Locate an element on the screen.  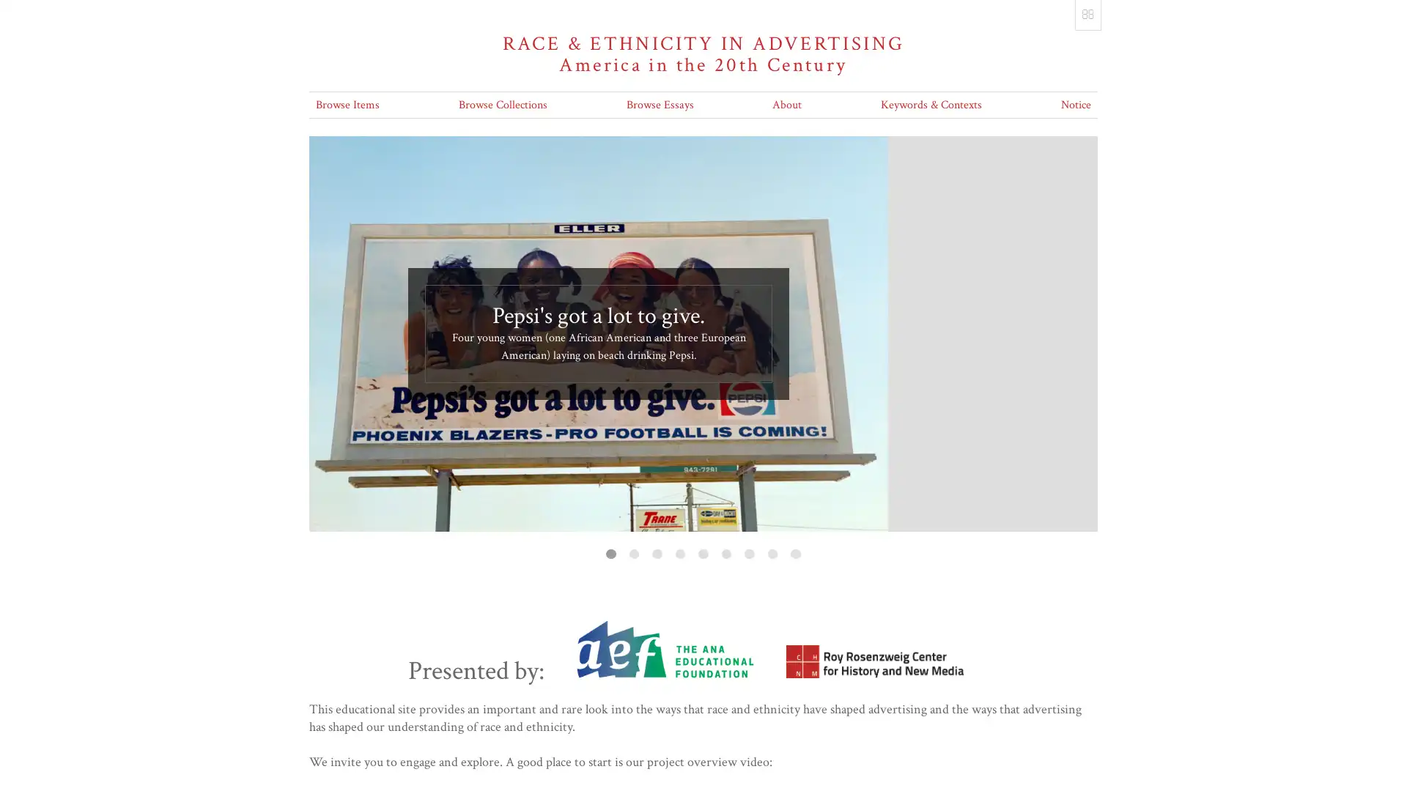
1 is located at coordinates (610, 554).